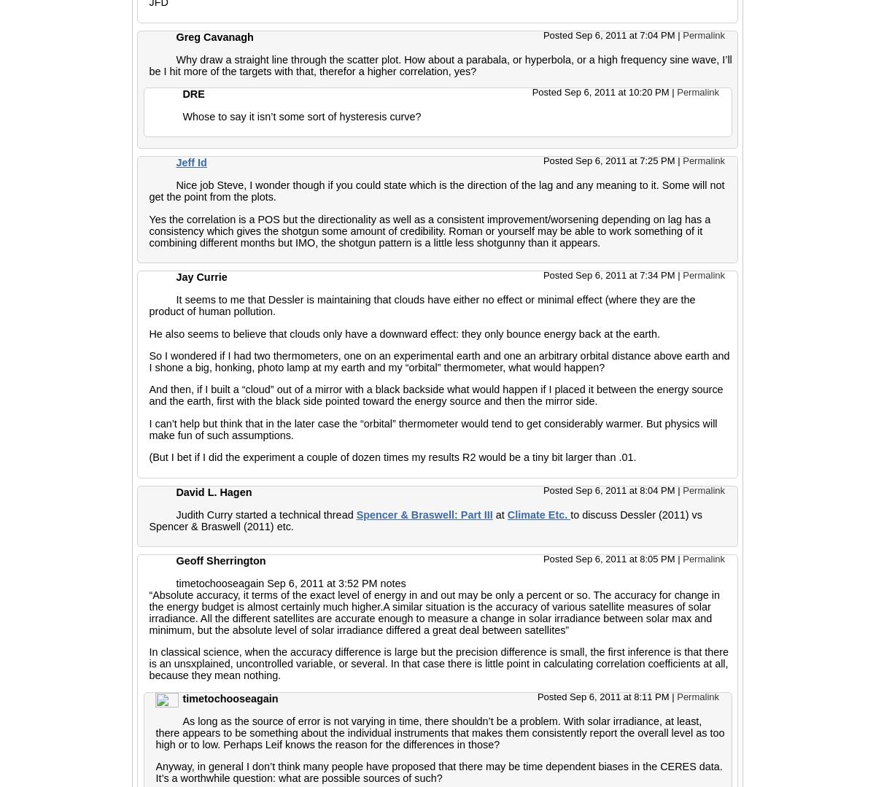 Image resolution: width=884 pixels, height=787 pixels. Describe the element at coordinates (220, 560) in the screenshot. I see `'Geoff Sherrington'` at that location.